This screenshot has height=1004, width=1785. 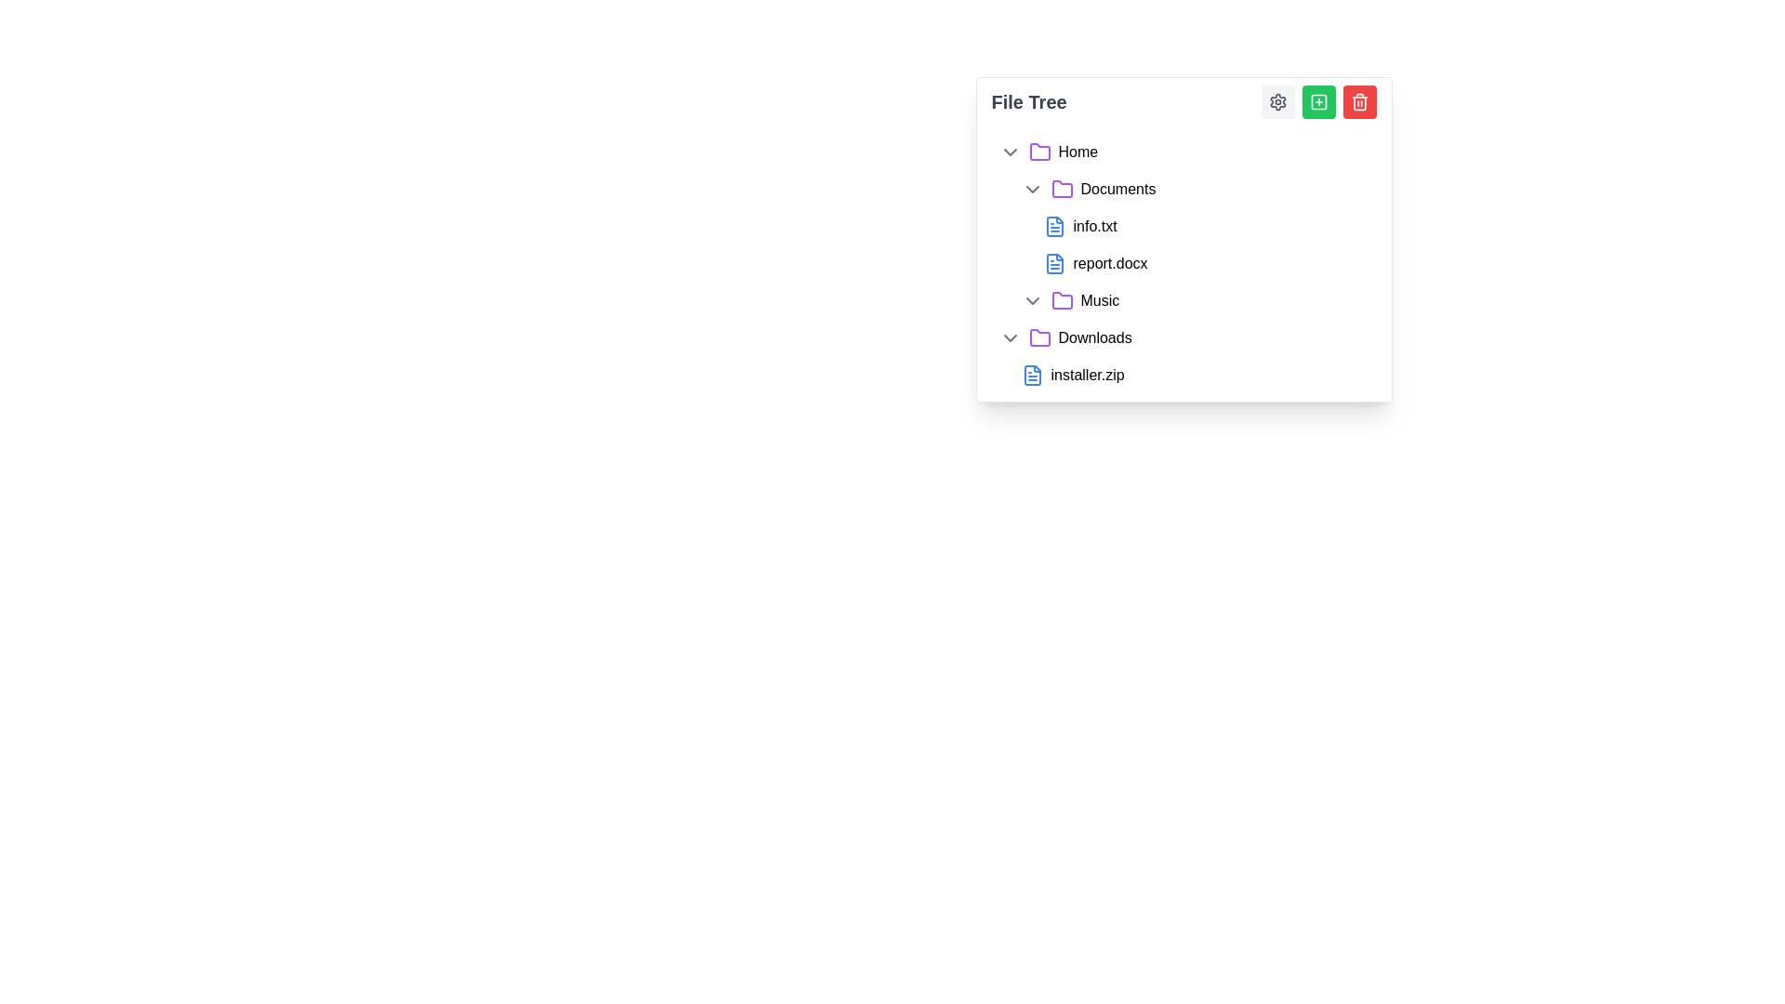 I want to click on the second button in a horizontal row that has a plus icon, situated between a settings button and a trash icon button, to trigger the hover effect, so click(x=1317, y=102).